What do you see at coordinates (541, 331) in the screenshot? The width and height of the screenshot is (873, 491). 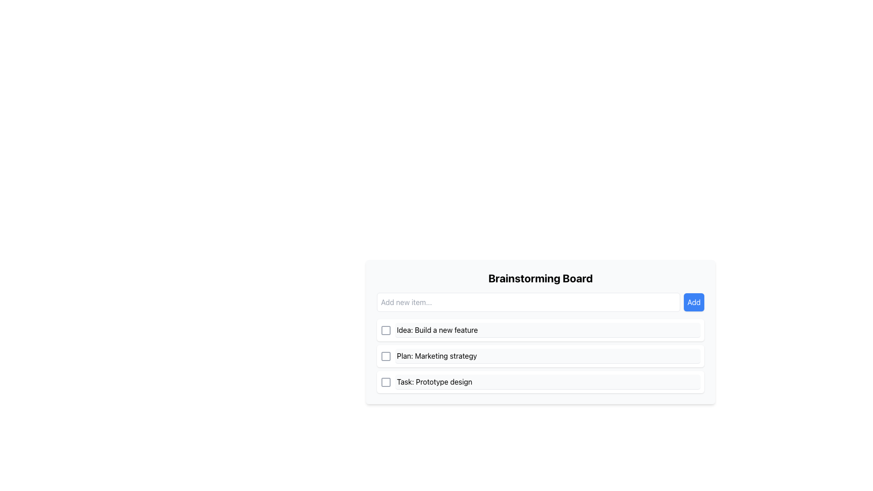 I see `the first list item in the 'Brainstorming Board' section` at bounding box center [541, 331].